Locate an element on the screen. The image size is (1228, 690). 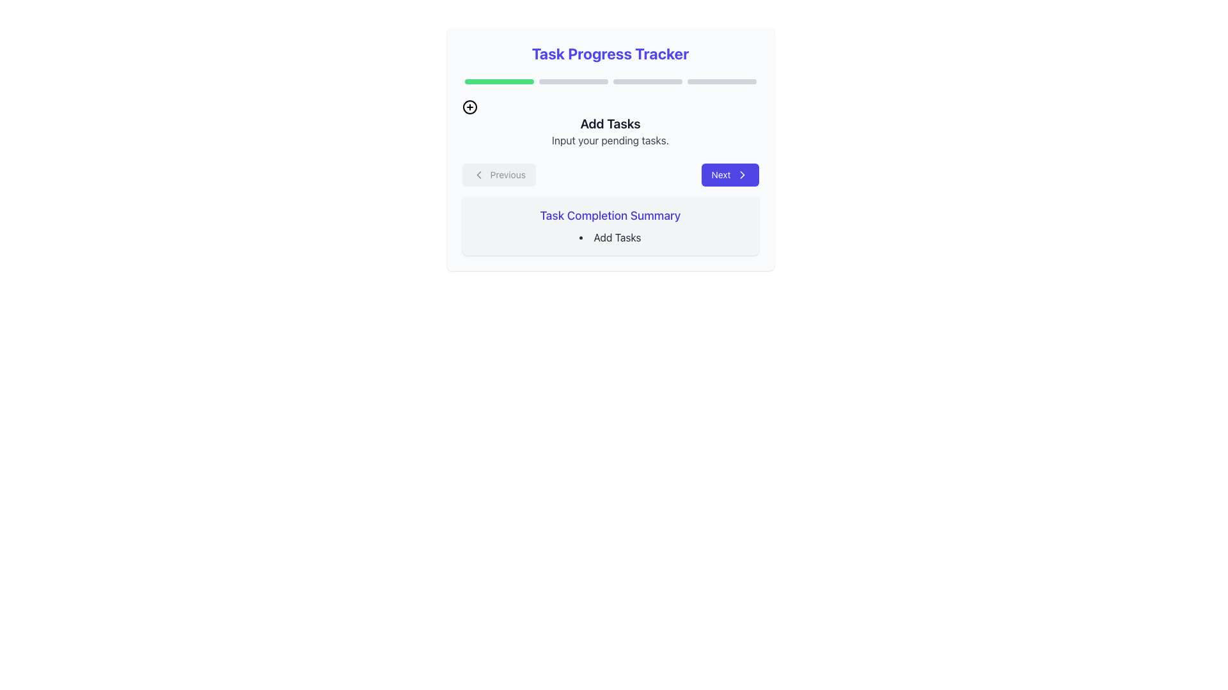
progress description from the 'Task Progress Tracker' UI element, which includes the heading, subheading, and descriptive text is located at coordinates (610, 149).